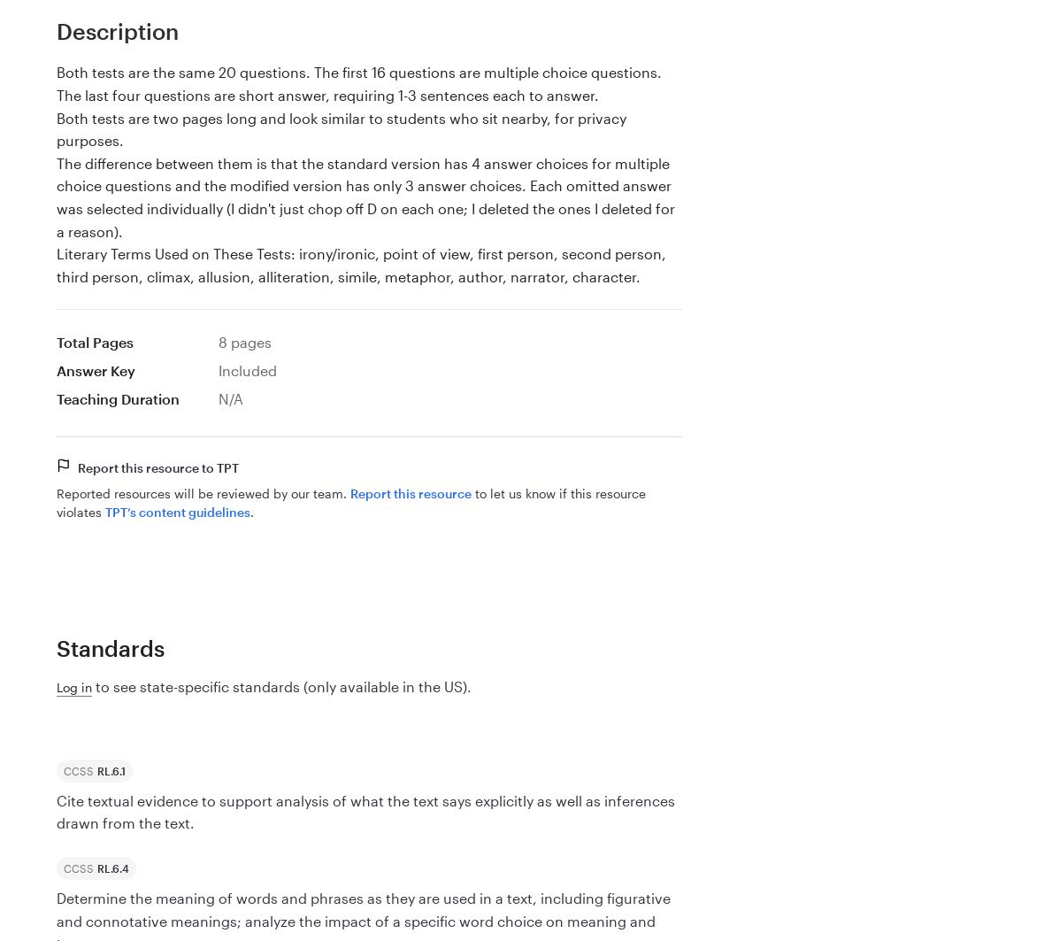  Describe the element at coordinates (95, 369) in the screenshot. I see `'Answer Key'` at that location.